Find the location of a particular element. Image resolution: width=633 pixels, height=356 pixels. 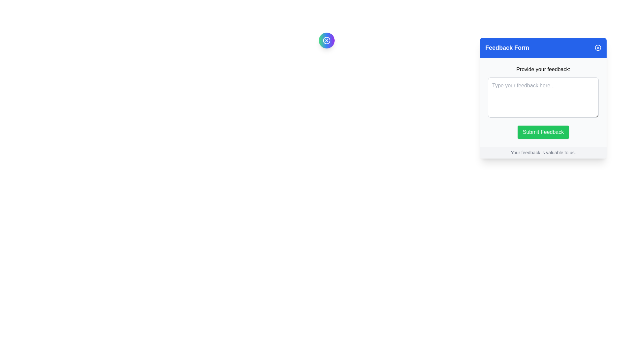

the close button located in the top-right corner of the 'Feedback Form' interface is located at coordinates (598, 47).